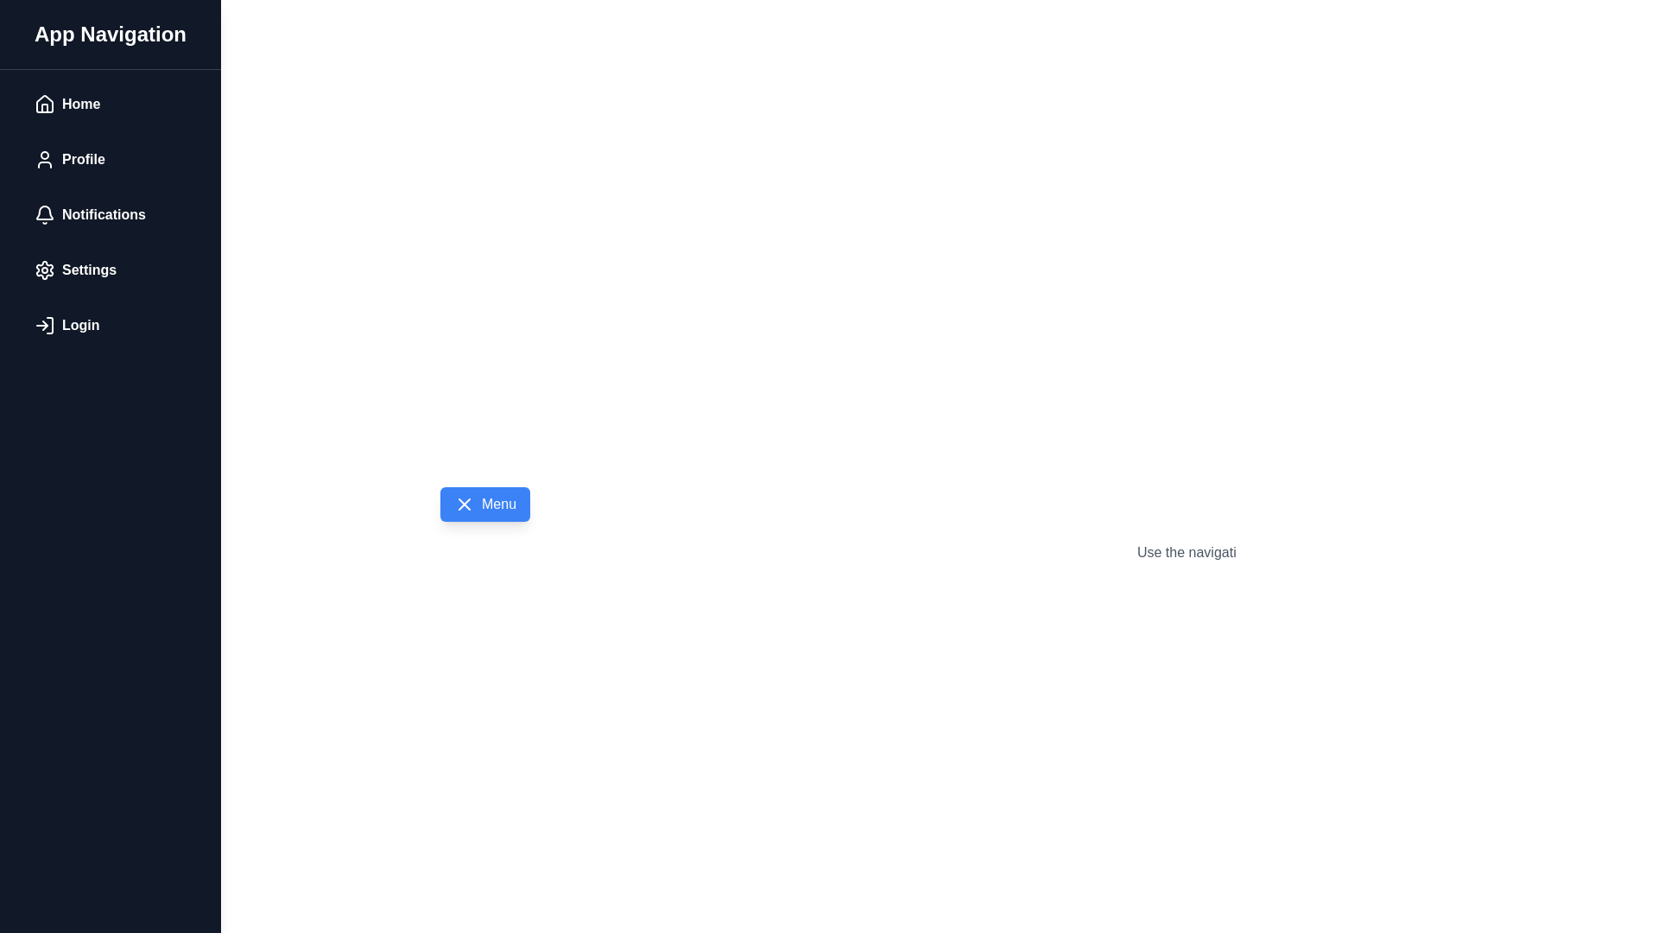  What do you see at coordinates (45, 326) in the screenshot?
I see `the login icon located in the navigation panel, positioned to the left of the 'Login' text` at bounding box center [45, 326].